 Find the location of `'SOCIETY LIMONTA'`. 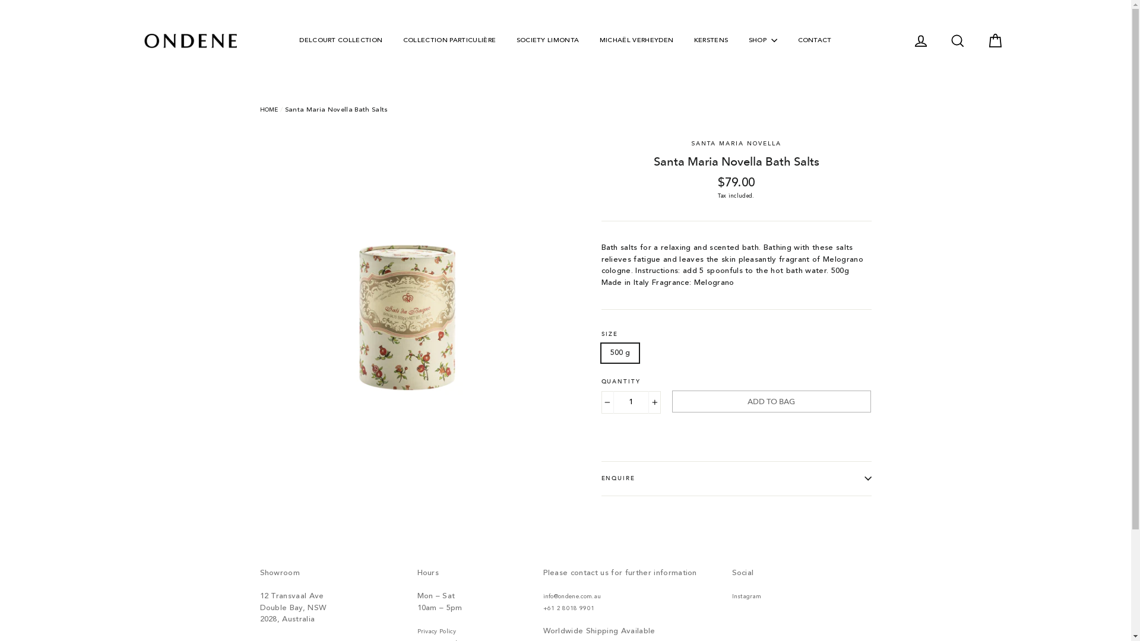

'SOCIETY LIMONTA' is located at coordinates (547, 40).